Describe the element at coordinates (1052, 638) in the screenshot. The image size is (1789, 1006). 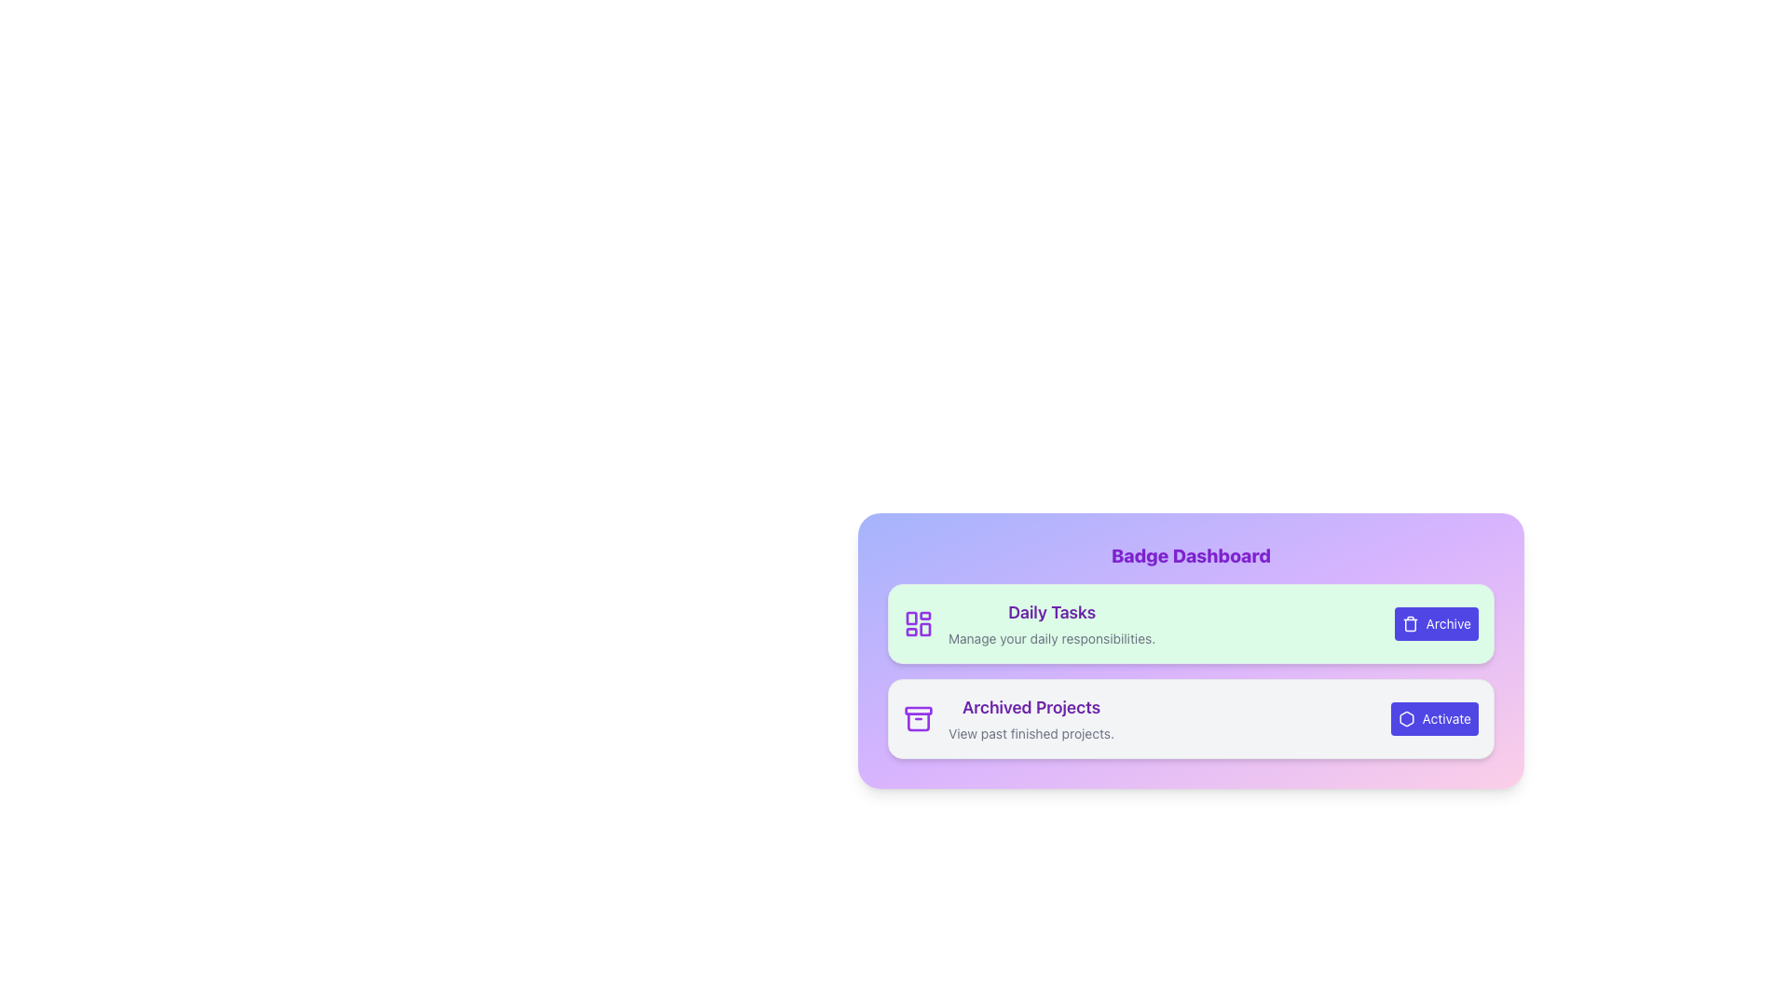
I see `the text element displaying 'Manage your daily responsibilities.' which is located within the 'Badge Dashboard' panel, below the 'Daily Tasks' heading` at that location.